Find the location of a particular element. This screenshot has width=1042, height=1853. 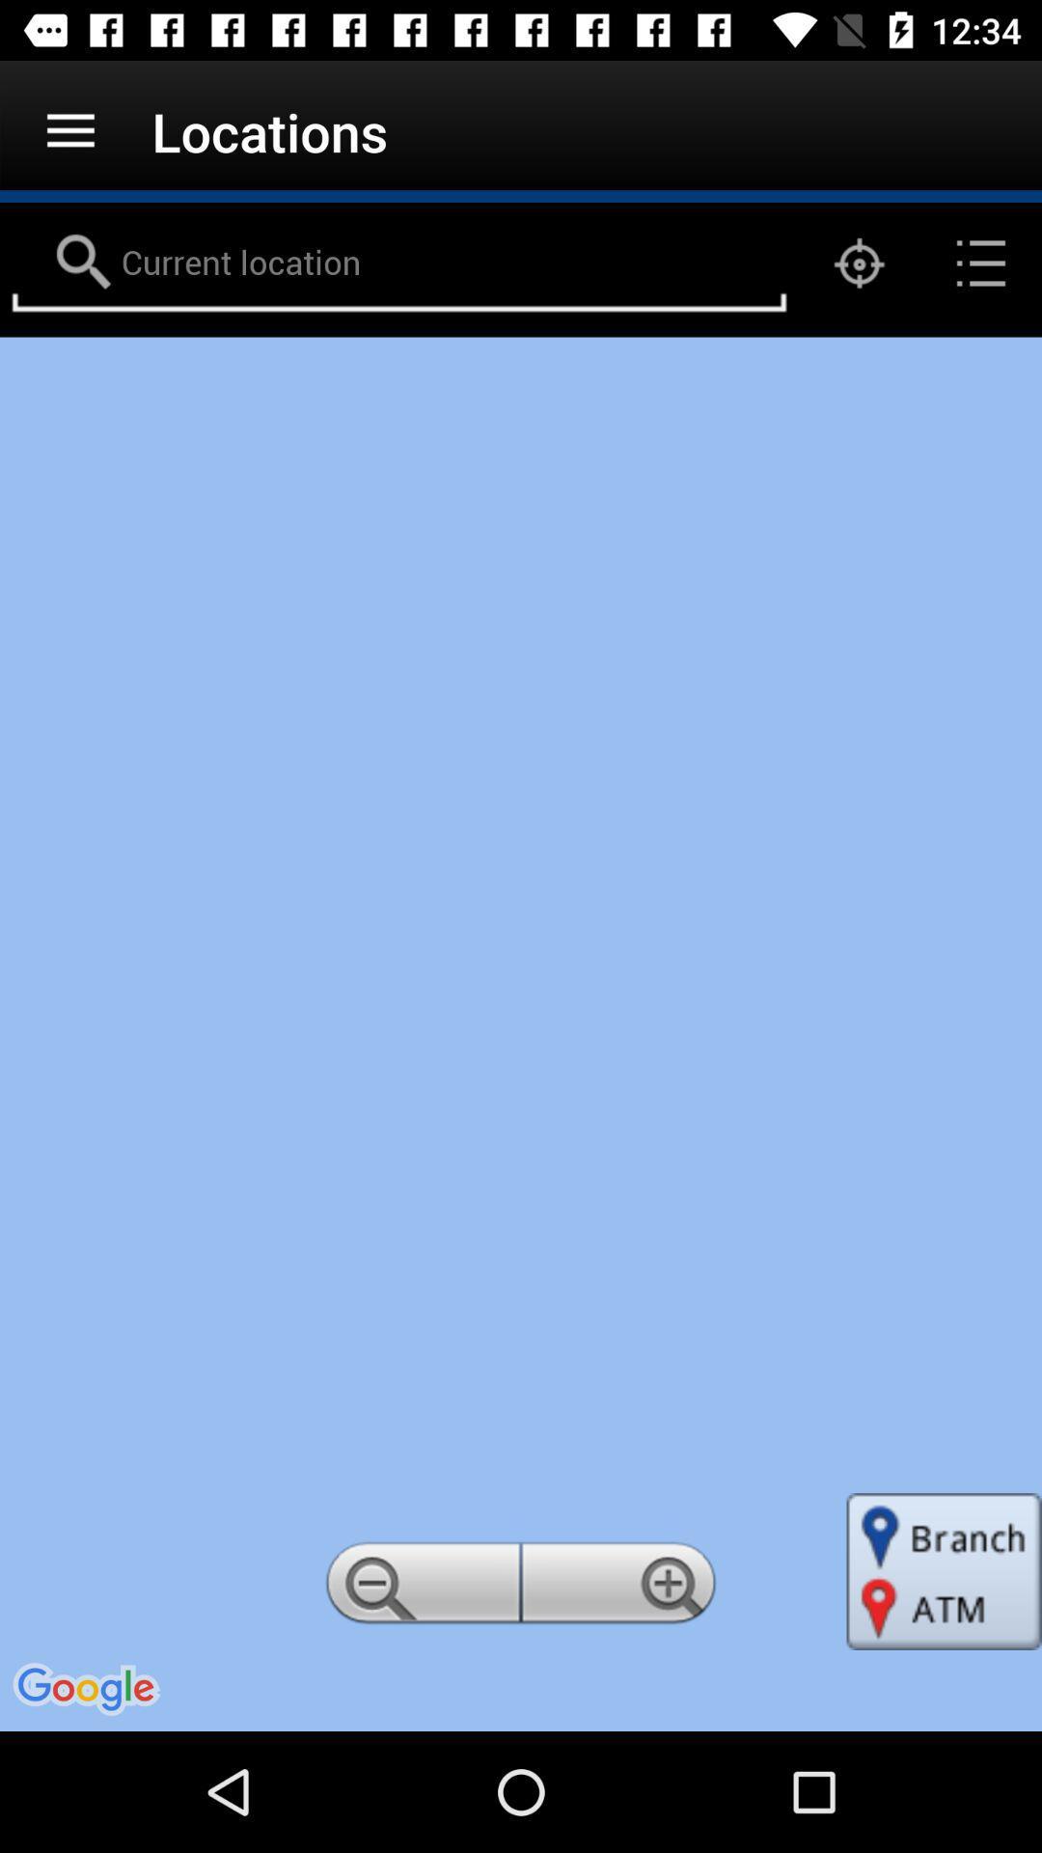

the app next to the locations is located at coordinates (69, 130).